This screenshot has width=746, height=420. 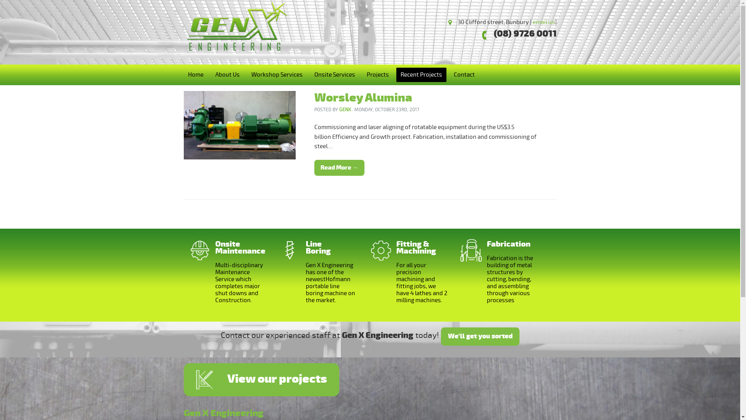 What do you see at coordinates (464, 75) in the screenshot?
I see `'Contact'` at bounding box center [464, 75].